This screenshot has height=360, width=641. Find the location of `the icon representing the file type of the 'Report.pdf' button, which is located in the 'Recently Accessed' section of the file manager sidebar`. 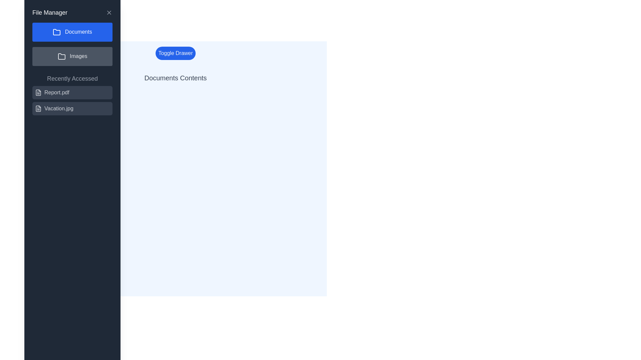

the icon representing the file type of the 'Report.pdf' button, which is located in the 'Recently Accessed' section of the file manager sidebar is located at coordinates (38, 92).